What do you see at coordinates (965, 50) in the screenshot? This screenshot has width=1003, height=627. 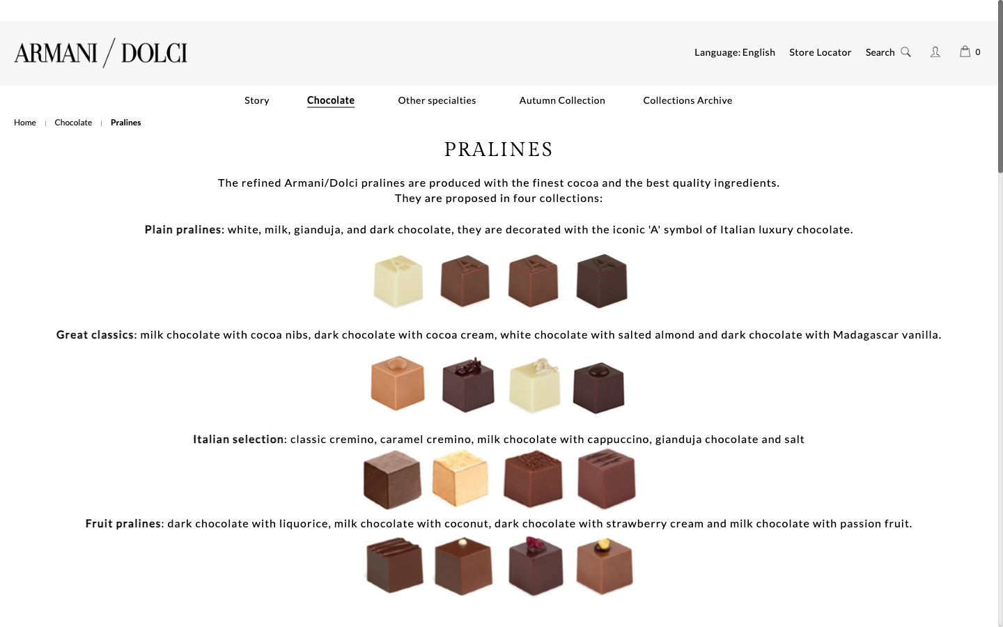 I see `Redirect to the shopping cart by clicking on the bag icon in the upper right hand corner` at bounding box center [965, 50].